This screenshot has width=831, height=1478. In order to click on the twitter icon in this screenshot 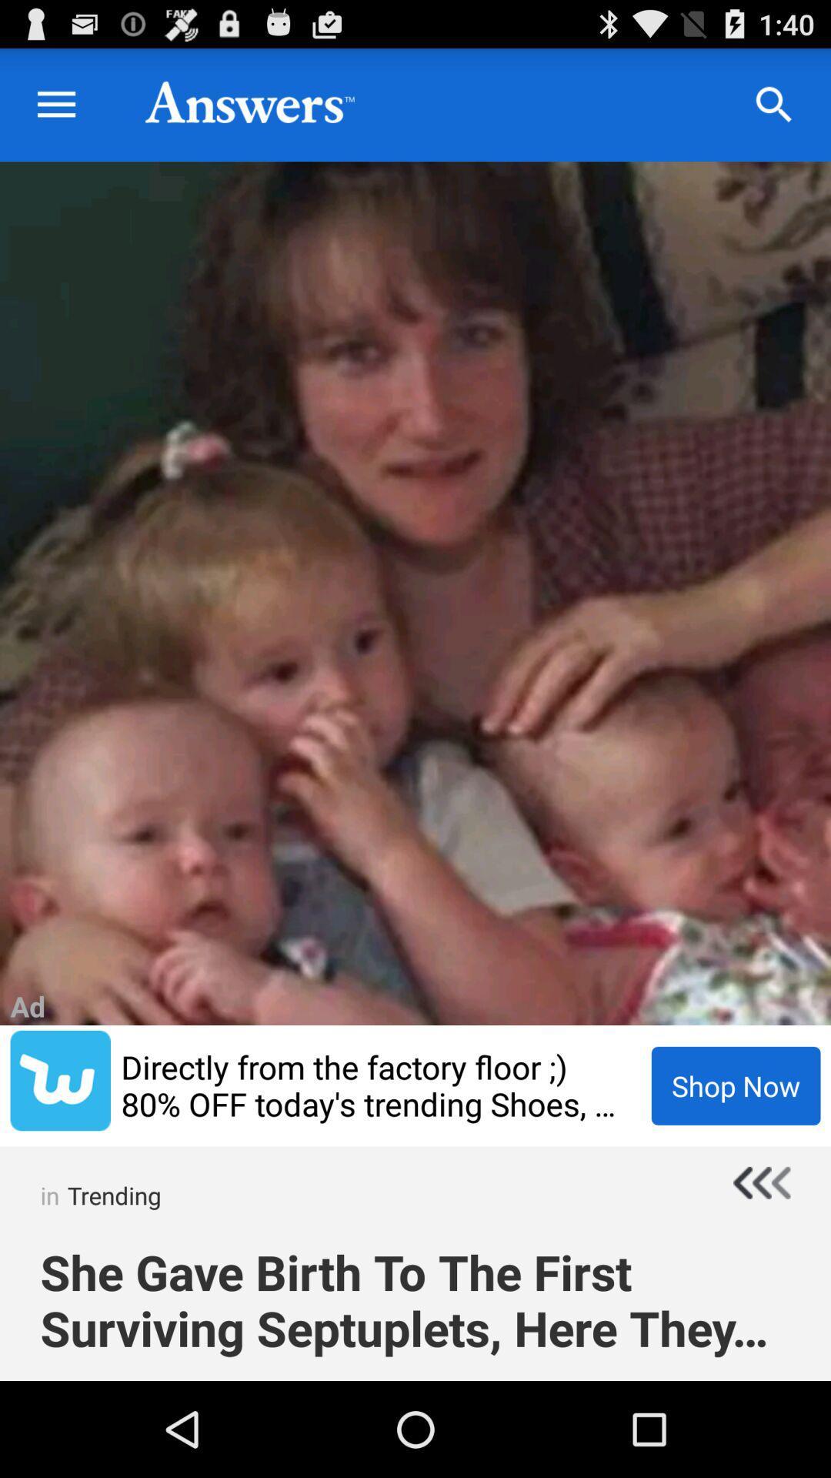, I will do `click(59, 1162)`.